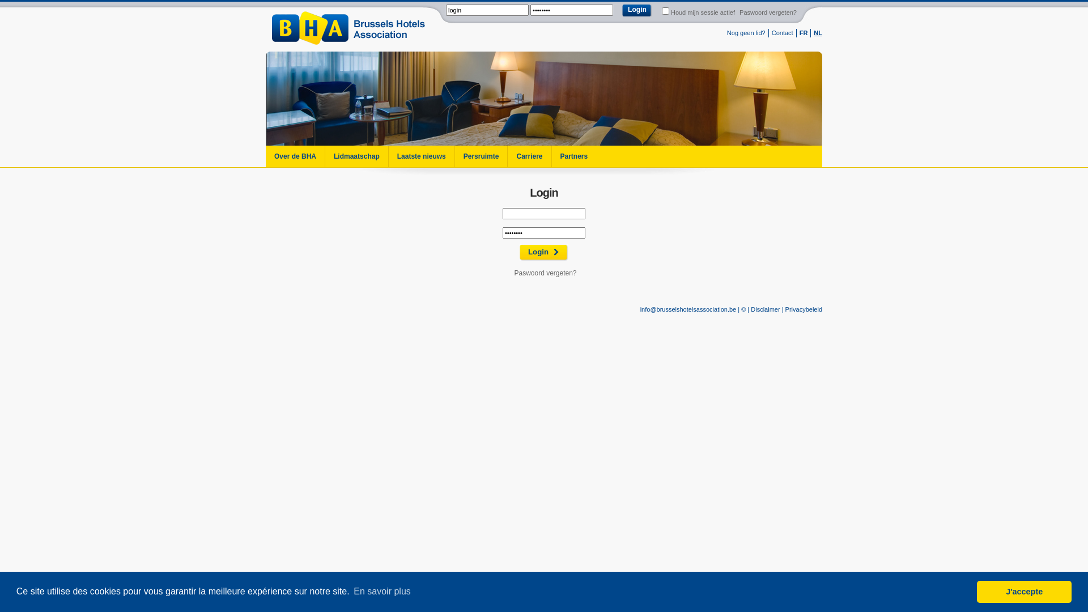 Image resolution: width=1088 pixels, height=612 pixels. Describe the element at coordinates (782, 32) in the screenshot. I see `'Contact'` at that location.